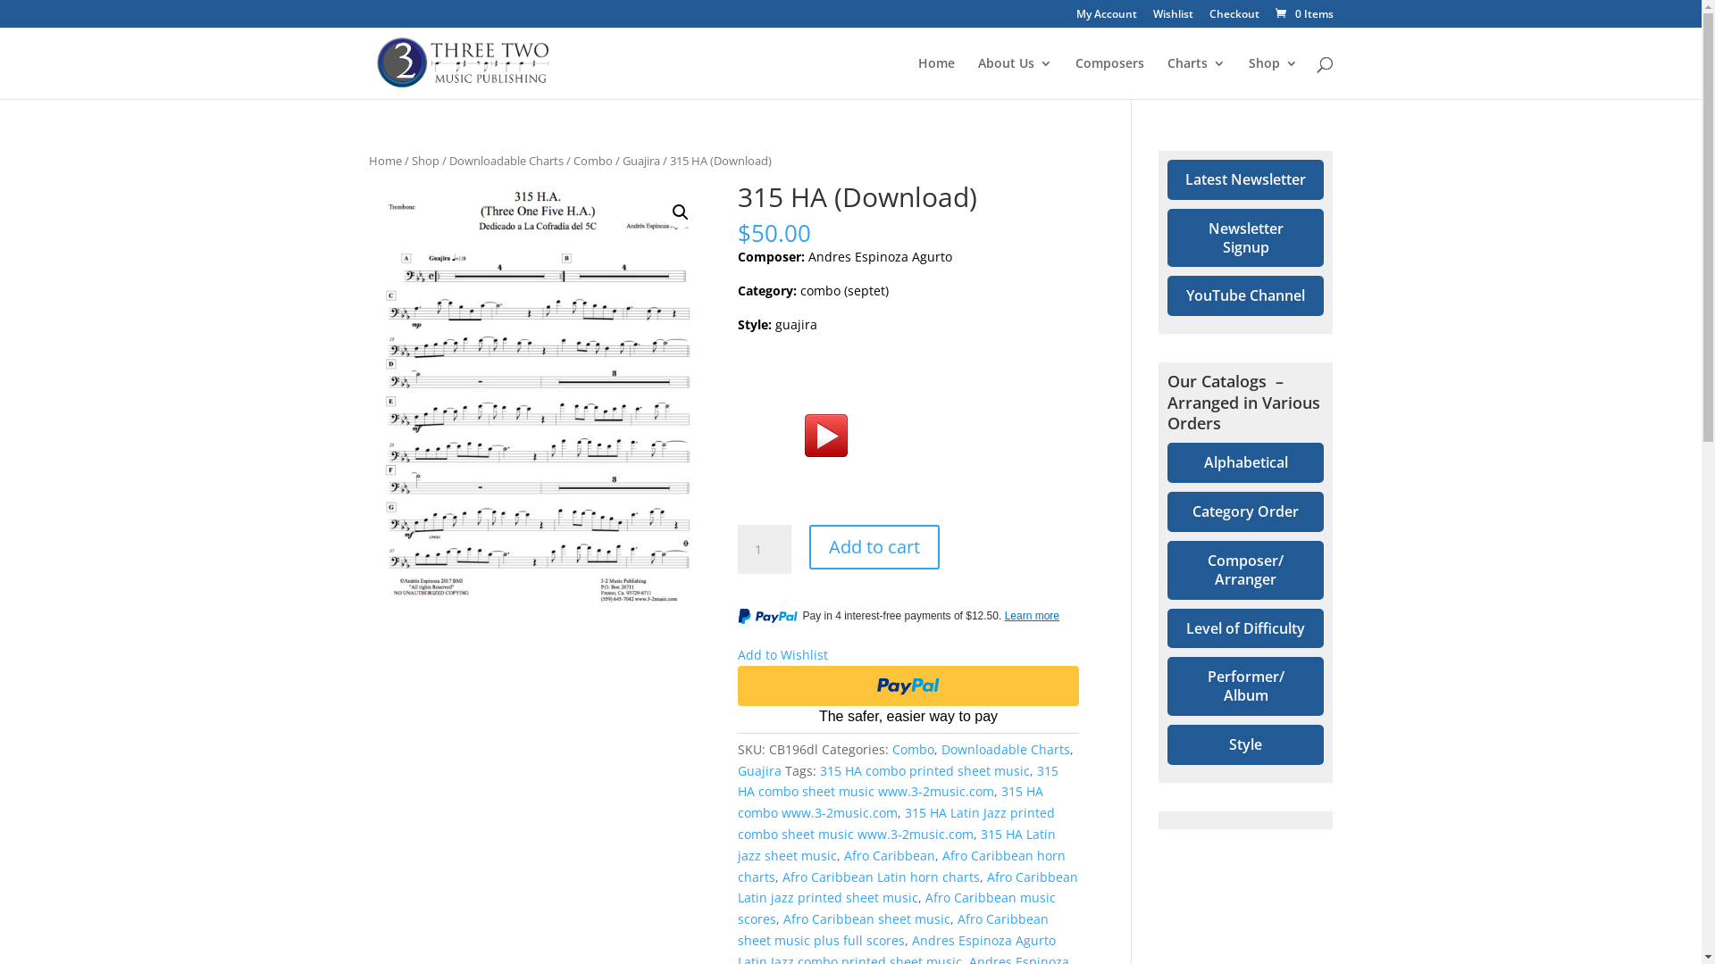  Describe the element at coordinates (896, 908) in the screenshot. I see `'Afro Caribbean music scores'` at that location.